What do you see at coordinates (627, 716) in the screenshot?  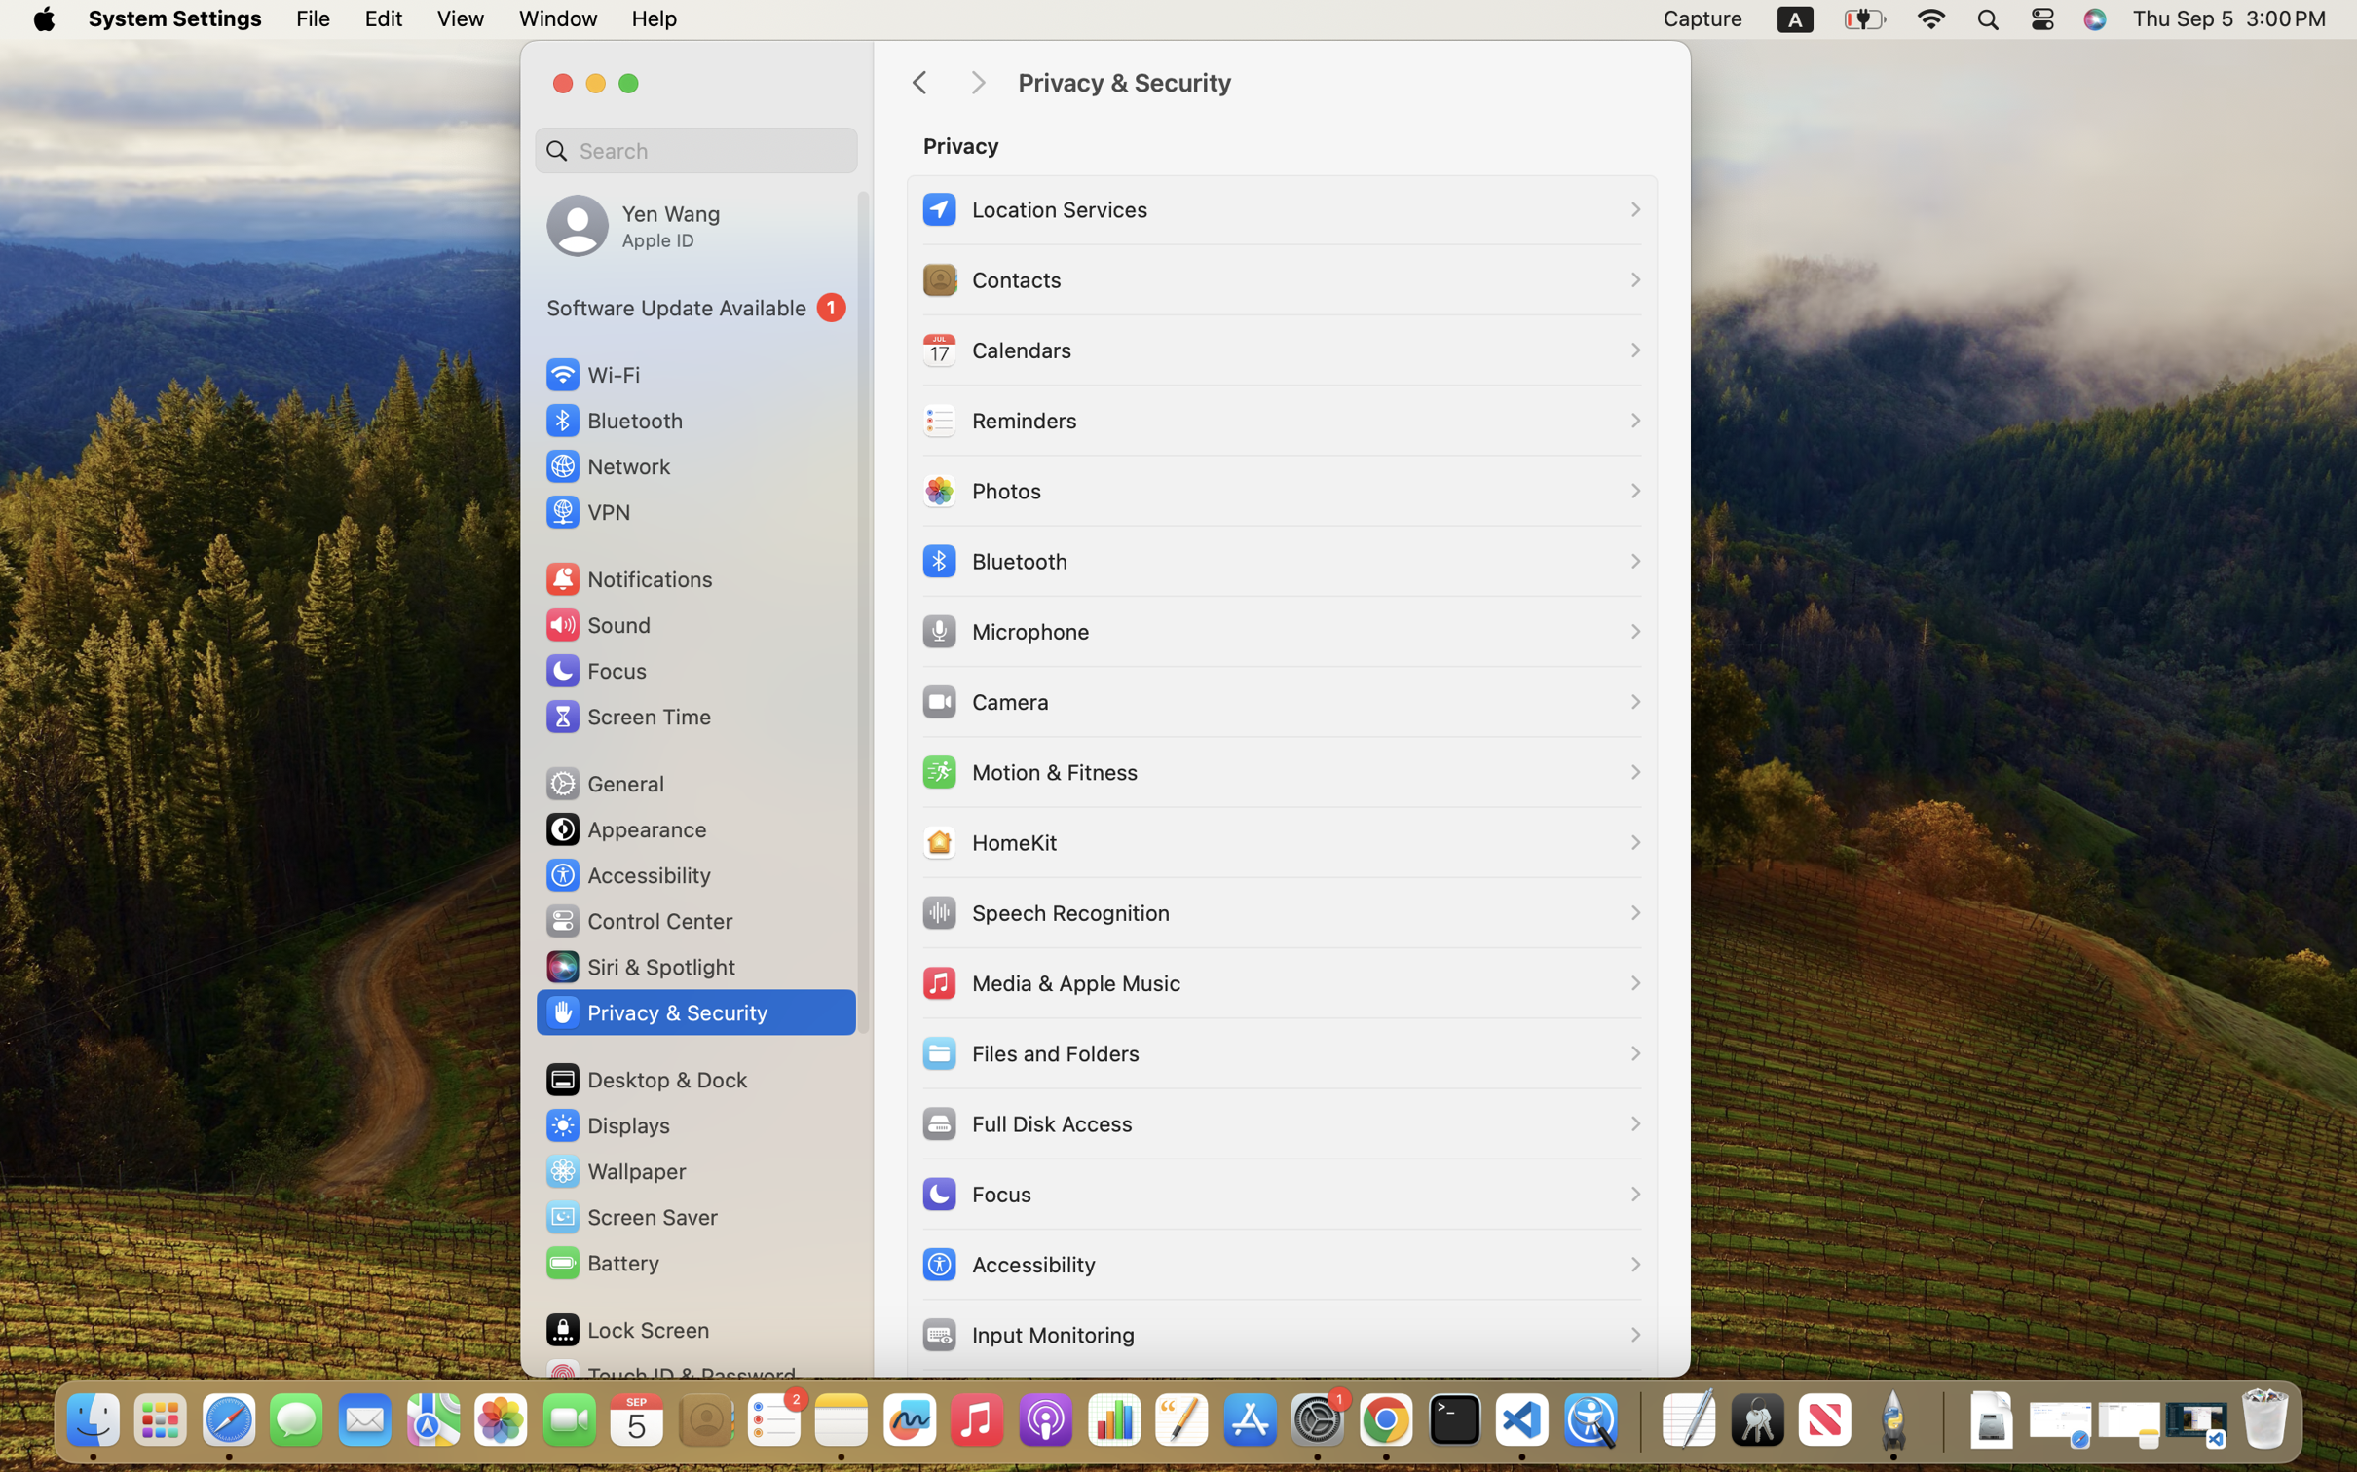 I see `'Screen Time'` at bounding box center [627, 716].